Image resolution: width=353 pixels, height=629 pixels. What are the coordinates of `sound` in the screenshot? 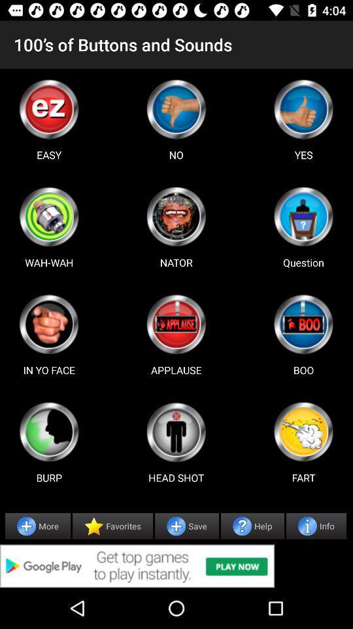 It's located at (48, 431).